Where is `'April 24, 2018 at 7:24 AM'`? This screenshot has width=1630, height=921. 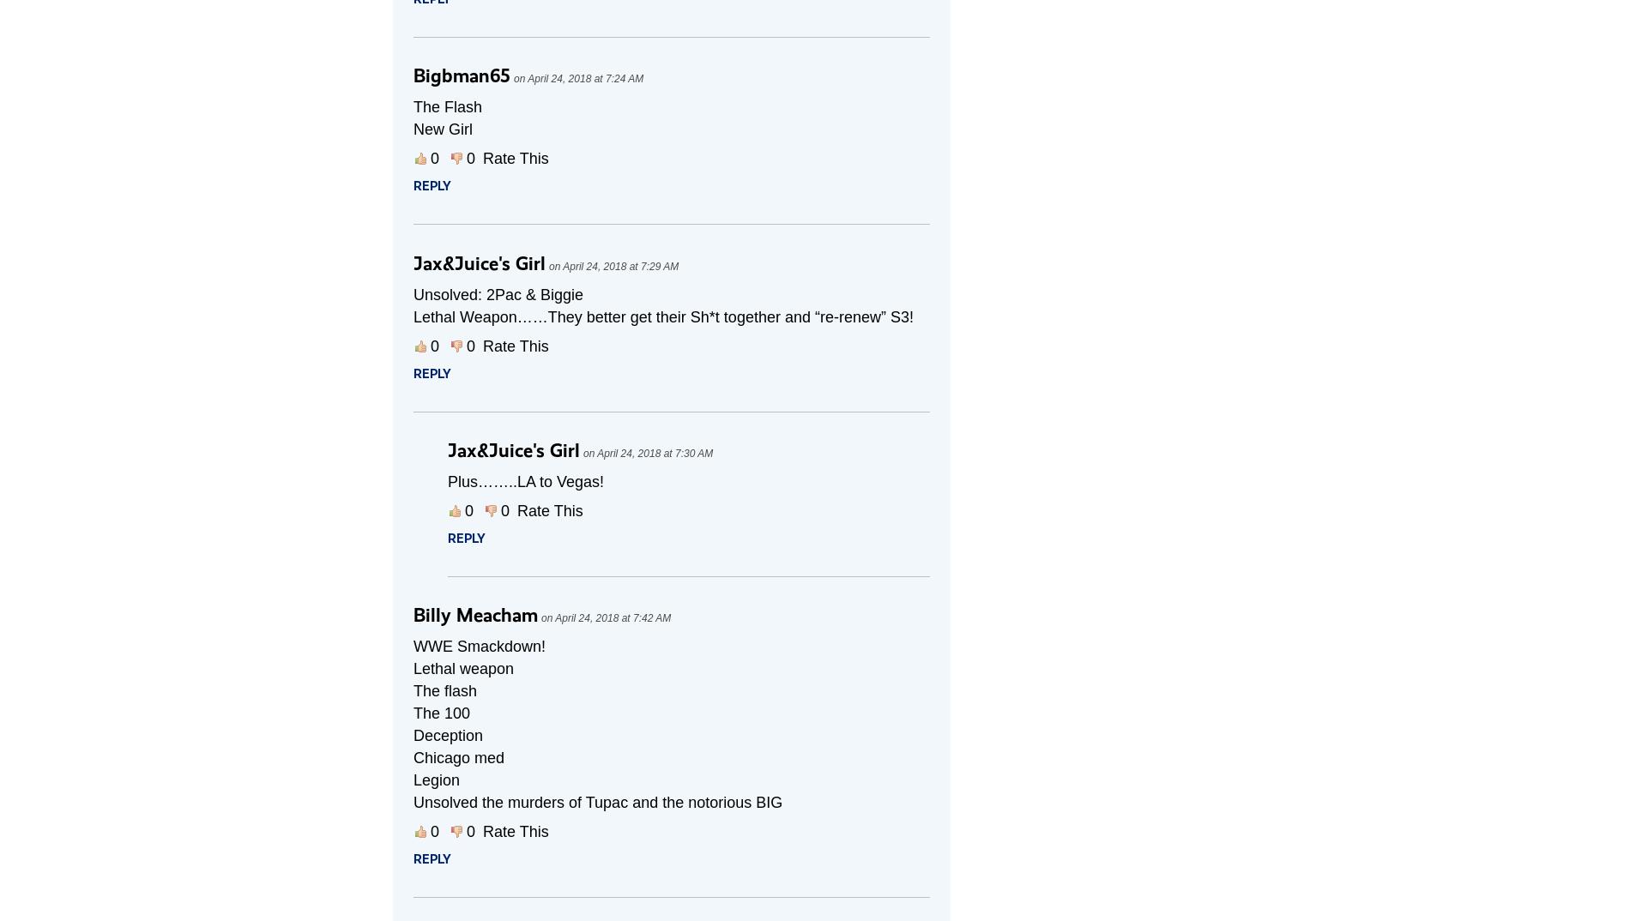
'April 24, 2018 at 7:24 AM' is located at coordinates (585, 79).